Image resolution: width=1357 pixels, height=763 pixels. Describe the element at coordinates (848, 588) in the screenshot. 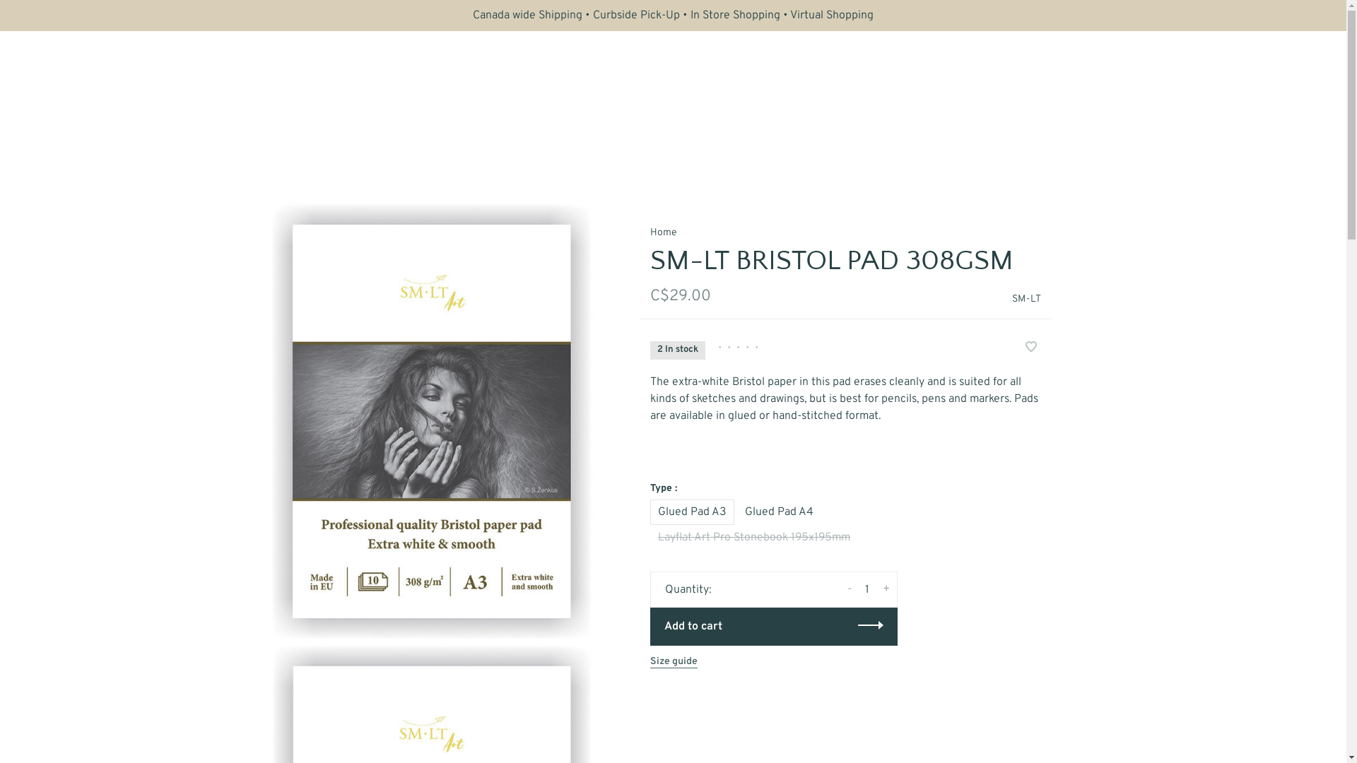

I see `'-'` at that location.